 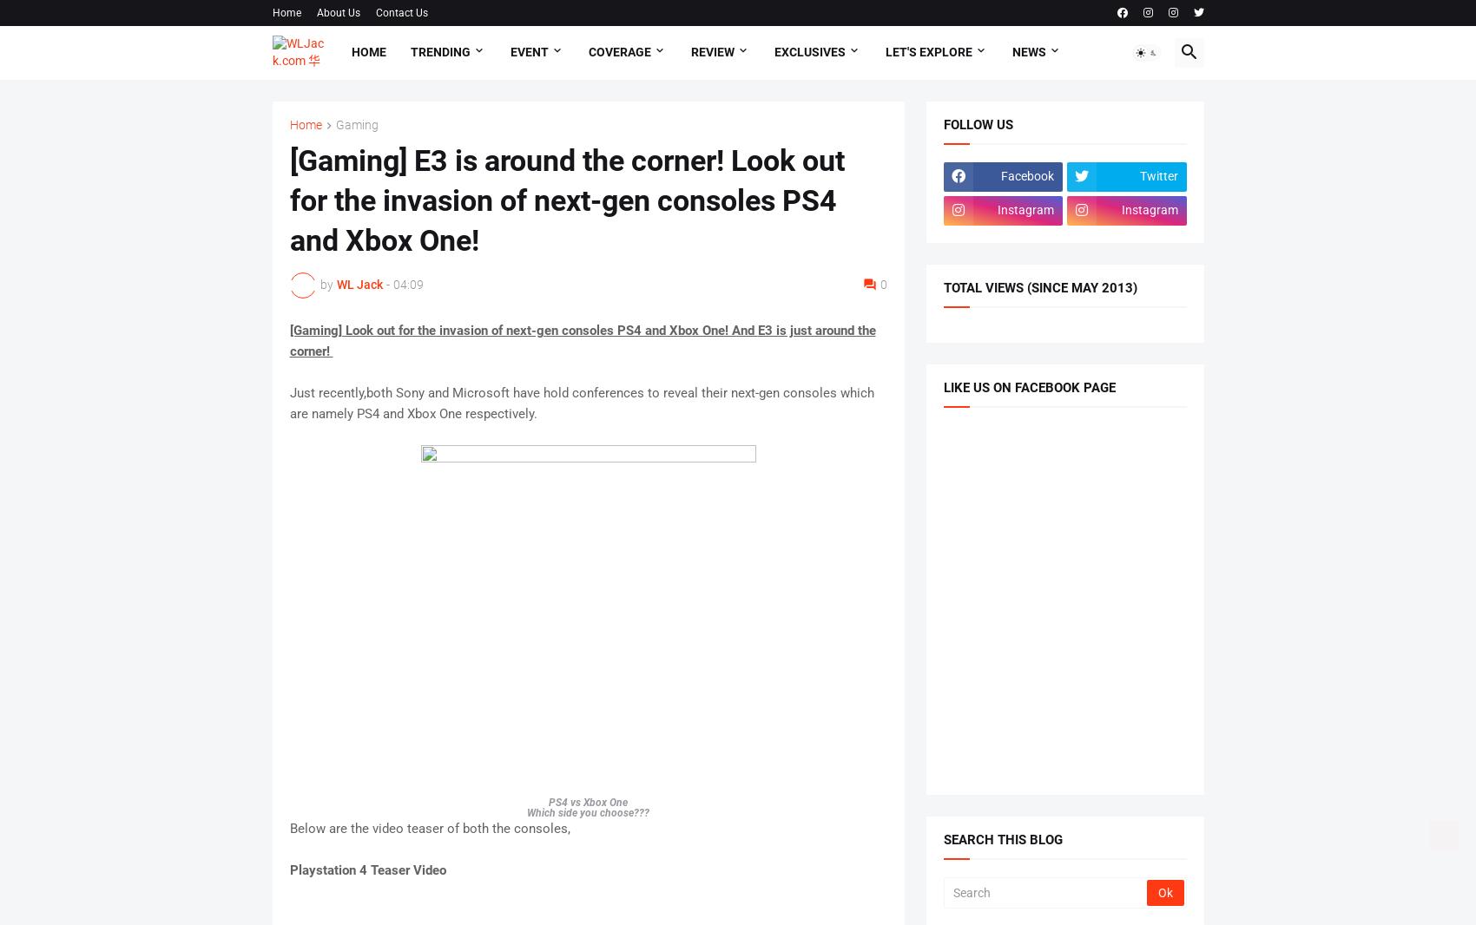 What do you see at coordinates (581, 403) in the screenshot?
I see `'Just recently,both Sony and Microsoft have hold conferences to reveal their next-gen consoles which are namely PS4 and Xbox One respectively.'` at bounding box center [581, 403].